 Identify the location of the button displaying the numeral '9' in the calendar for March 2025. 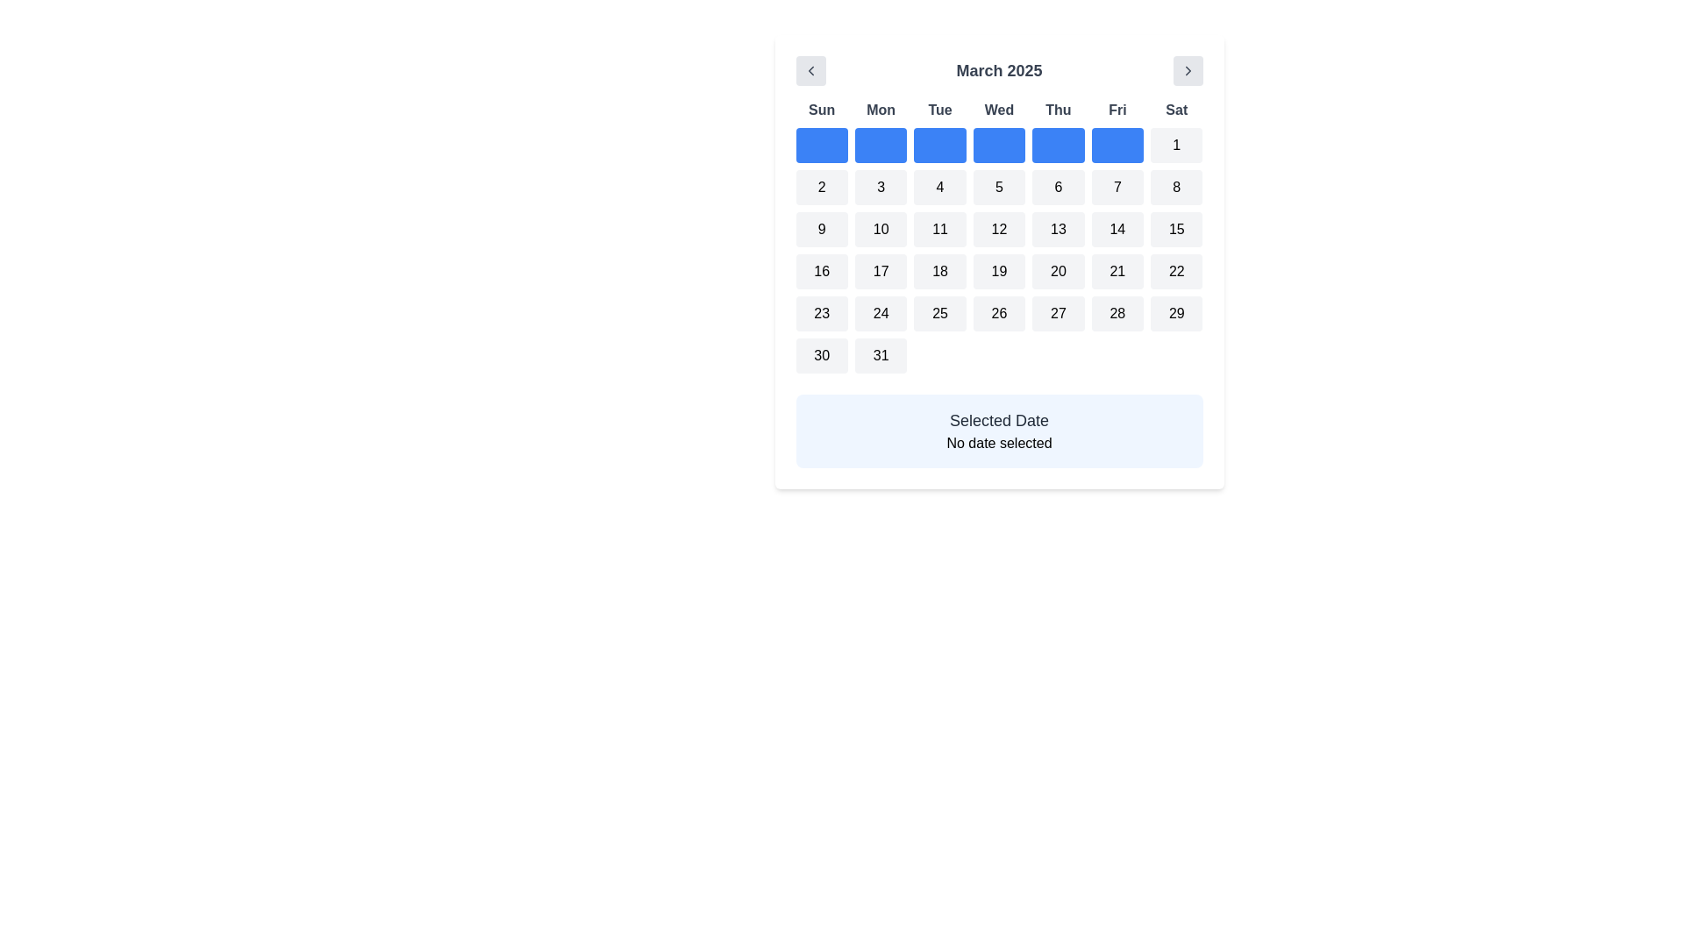
(821, 229).